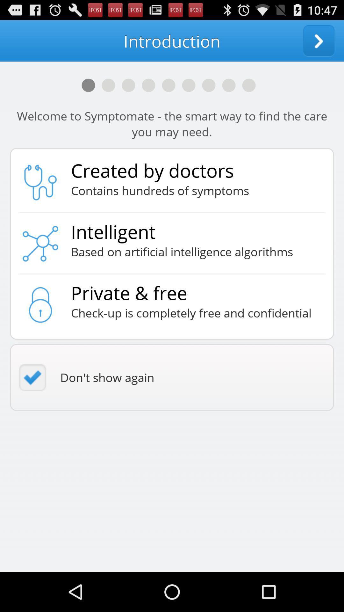 The image size is (344, 612). Describe the element at coordinates (172, 377) in the screenshot. I see `don t show` at that location.